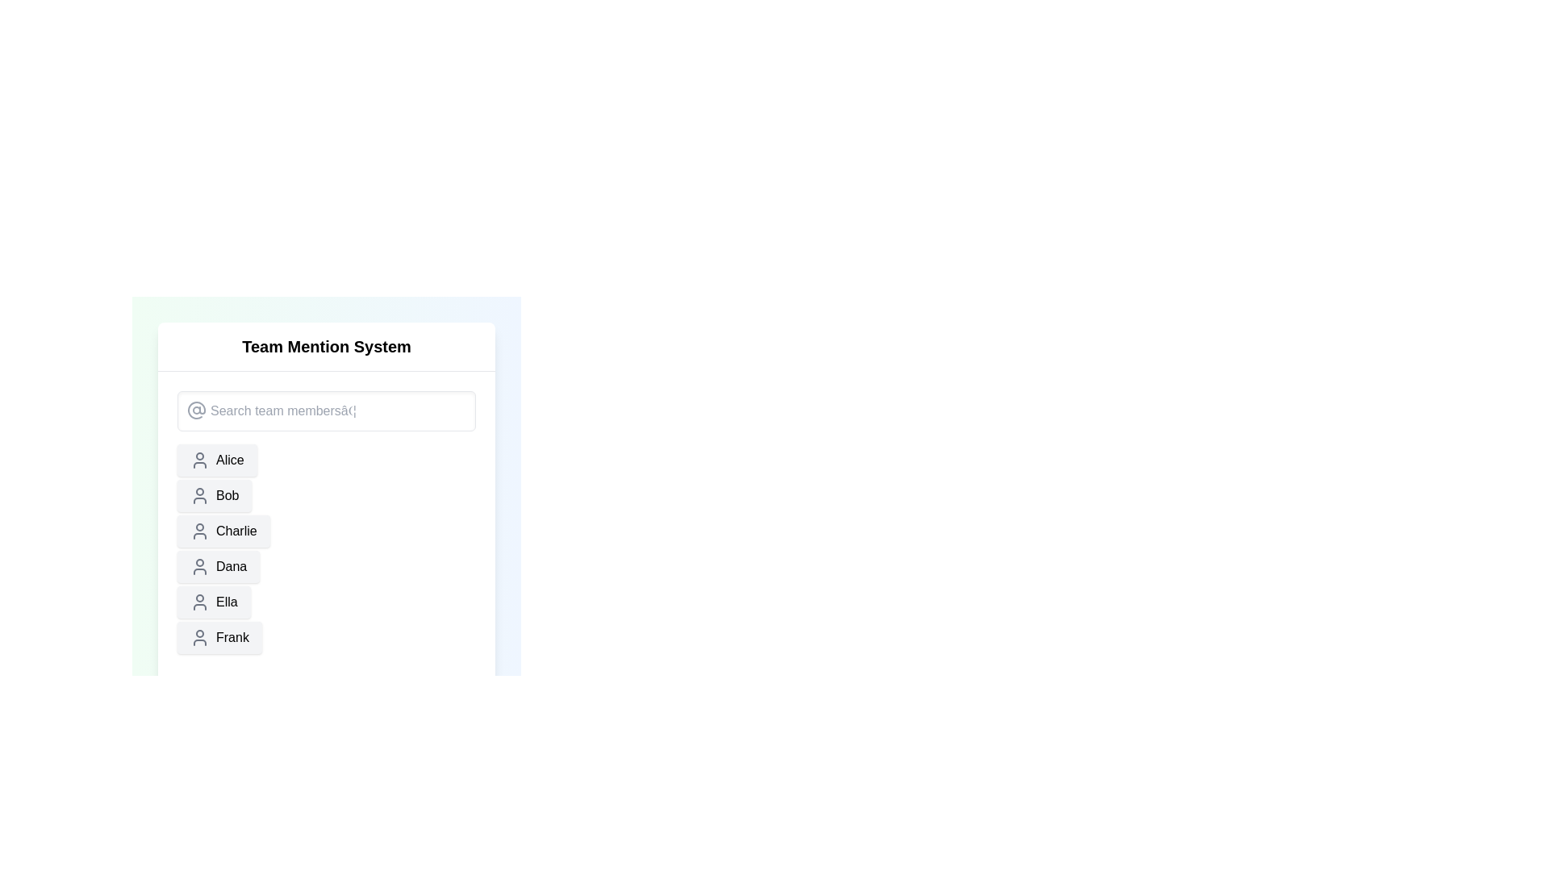 Image resolution: width=1549 pixels, height=871 pixels. I want to click on the first button in the vertical list containing the text 'Alice' and a gray user icon, located below the 'Search team members' input box, so click(216, 460).